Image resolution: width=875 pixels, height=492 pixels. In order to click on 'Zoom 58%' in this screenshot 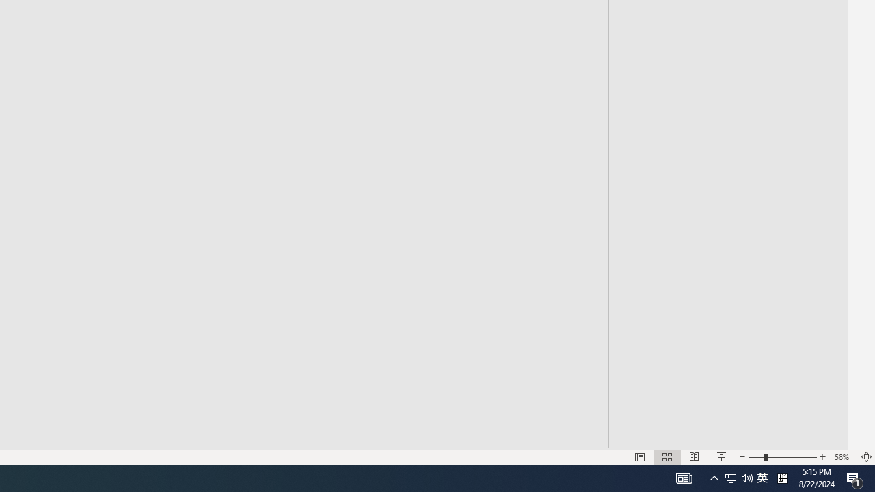, I will do `click(843, 457)`.